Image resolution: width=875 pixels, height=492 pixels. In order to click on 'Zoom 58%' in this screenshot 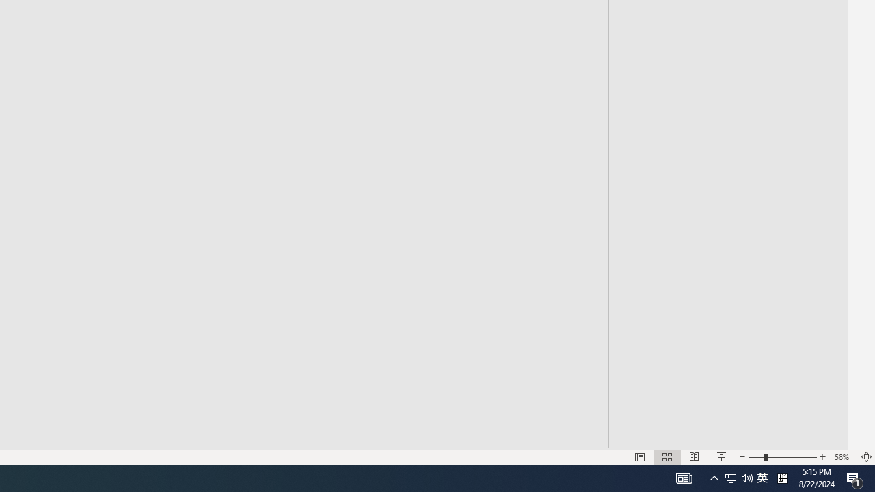, I will do `click(843, 457)`.